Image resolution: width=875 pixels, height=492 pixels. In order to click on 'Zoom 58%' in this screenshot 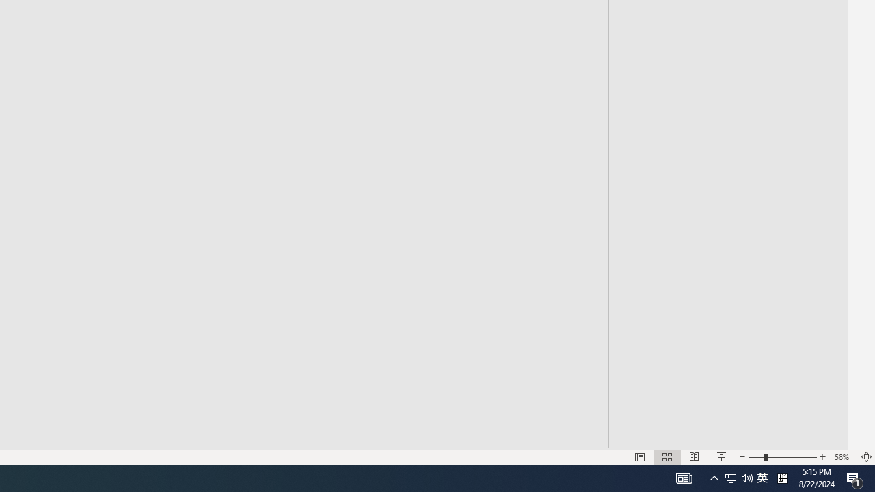, I will do `click(843, 457)`.